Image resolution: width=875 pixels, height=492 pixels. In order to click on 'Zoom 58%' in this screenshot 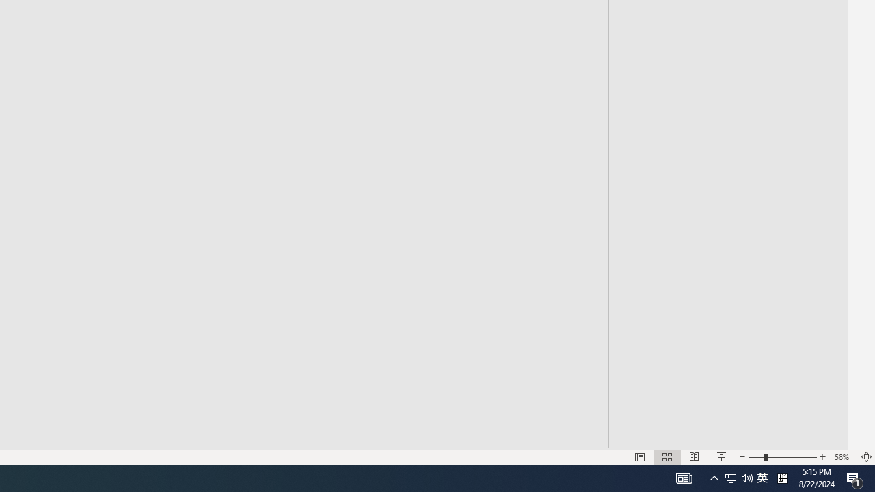, I will do `click(843, 457)`.